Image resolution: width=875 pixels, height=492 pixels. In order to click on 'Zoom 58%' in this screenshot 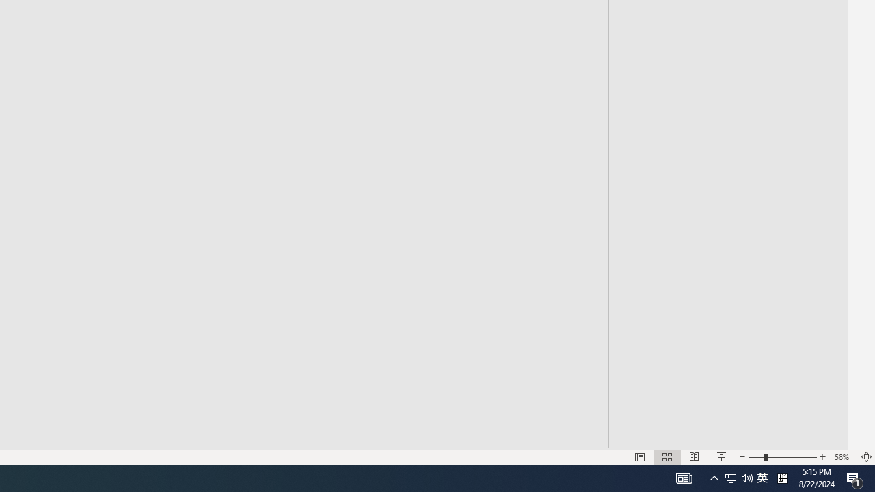, I will do `click(843, 457)`.